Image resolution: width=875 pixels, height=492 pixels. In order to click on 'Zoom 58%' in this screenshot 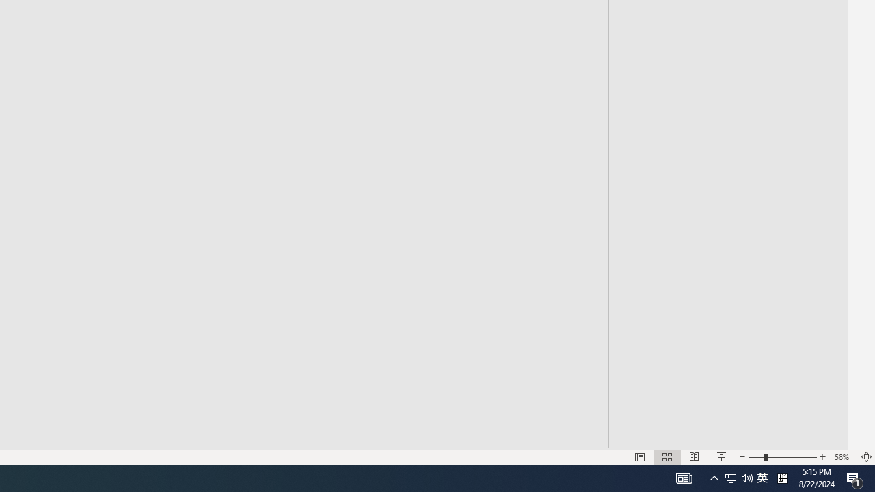, I will do `click(843, 457)`.